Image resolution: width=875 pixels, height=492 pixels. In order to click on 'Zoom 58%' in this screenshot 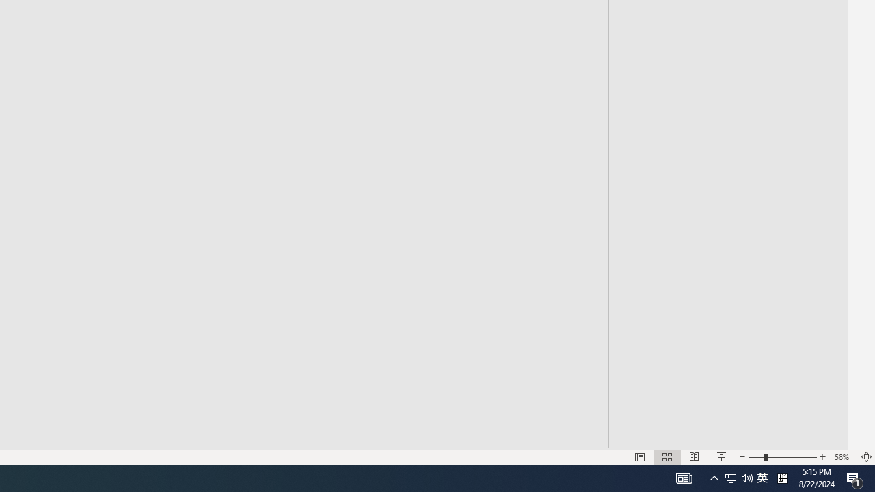, I will do `click(843, 457)`.